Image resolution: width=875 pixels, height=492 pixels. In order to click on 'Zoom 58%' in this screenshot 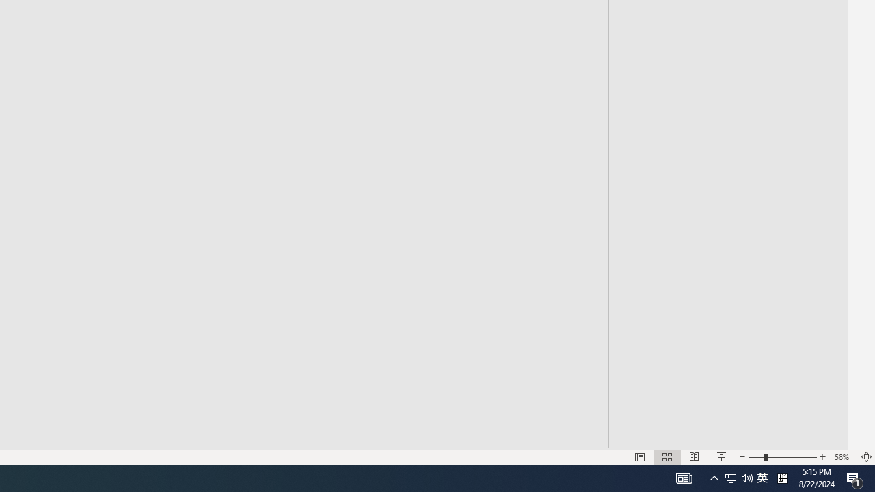, I will do `click(843, 457)`.